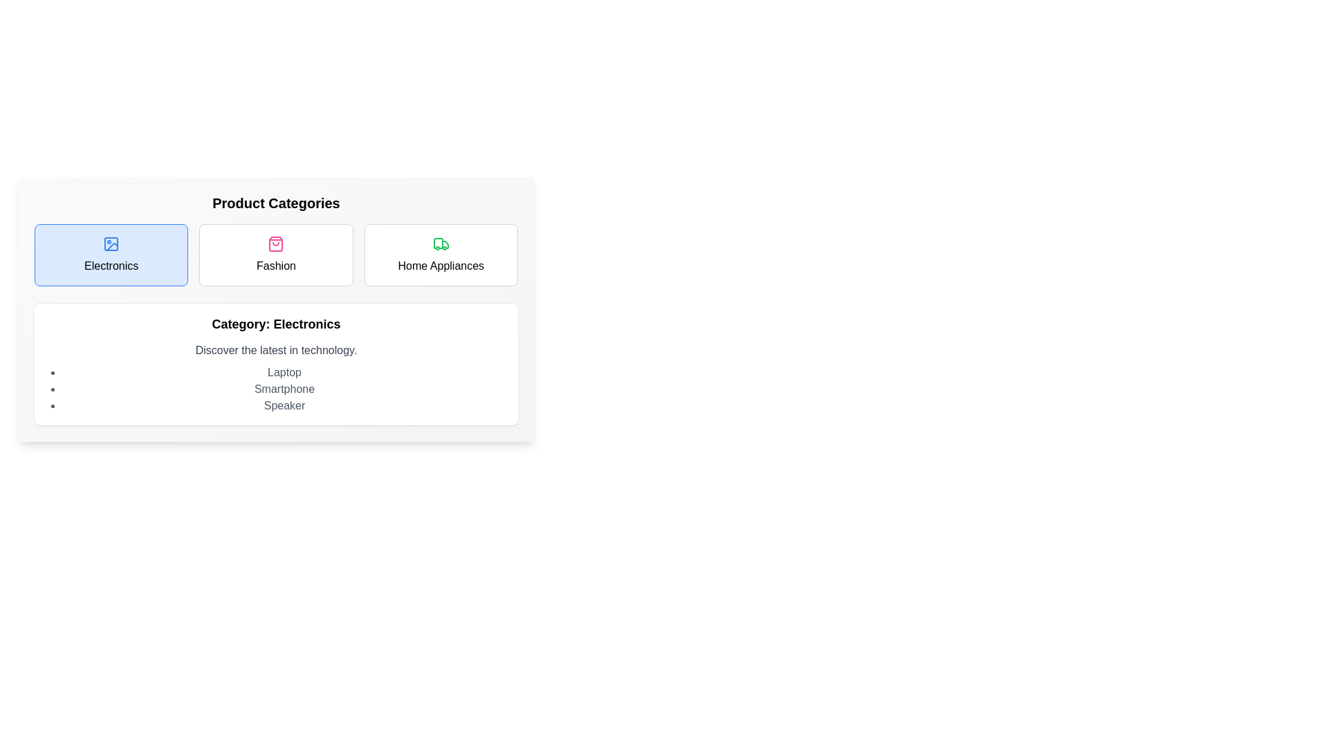 The width and height of the screenshot is (1328, 747). I want to click on the shopping bag icon in the 'Fashion' category, so click(276, 243).